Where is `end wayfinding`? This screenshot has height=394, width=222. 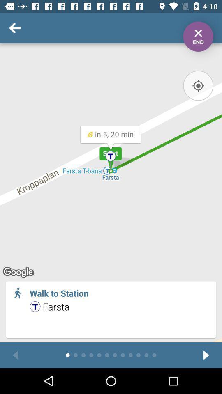
end wayfinding is located at coordinates (198, 37).